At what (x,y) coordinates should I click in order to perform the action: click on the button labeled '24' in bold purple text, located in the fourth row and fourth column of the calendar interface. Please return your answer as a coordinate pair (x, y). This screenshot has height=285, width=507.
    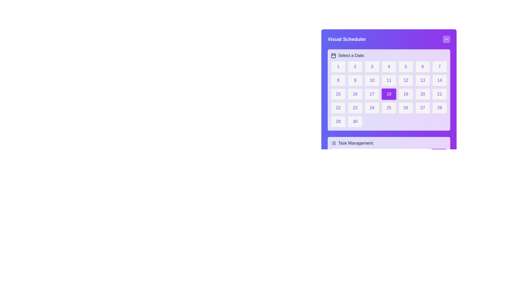
    Looking at the image, I should click on (372, 107).